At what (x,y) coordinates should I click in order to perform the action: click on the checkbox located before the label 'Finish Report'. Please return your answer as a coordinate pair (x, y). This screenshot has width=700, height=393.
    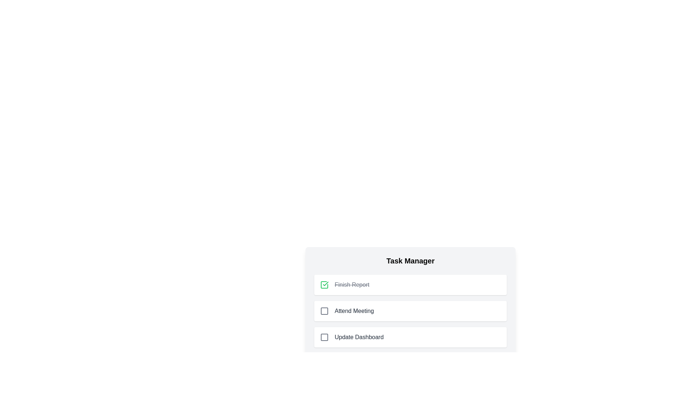
    Looking at the image, I should click on (324, 285).